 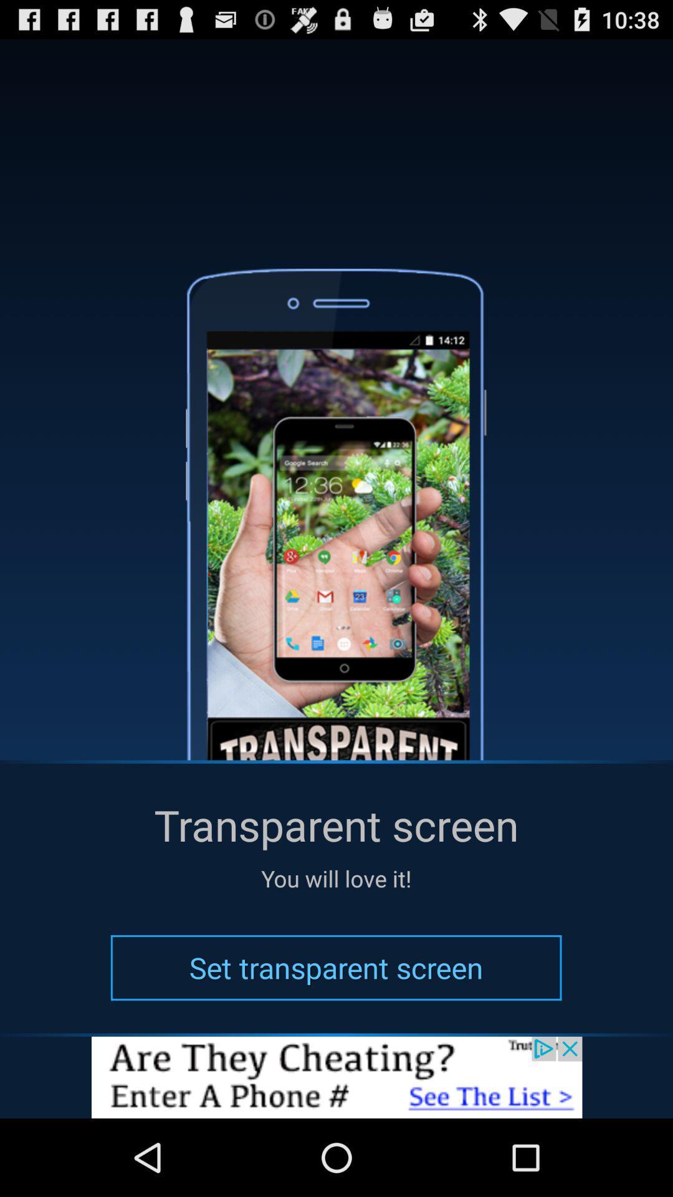 I want to click on mention page are going this button, so click(x=336, y=1077).